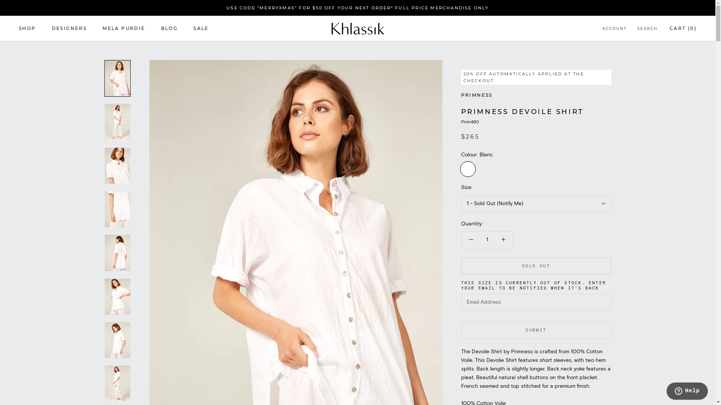 The width and height of the screenshot is (721, 405). What do you see at coordinates (124, 28) in the screenshot?
I see `'MELA PURDIE'` at bounding box center [124, 28].